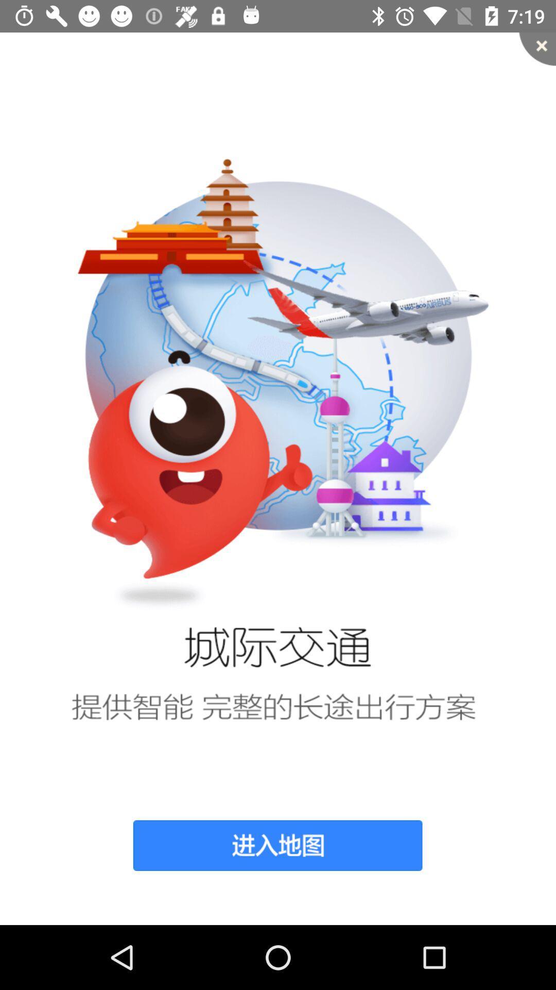 The image size is (556, 990). I want to click on item at the center, so click(278, 478).